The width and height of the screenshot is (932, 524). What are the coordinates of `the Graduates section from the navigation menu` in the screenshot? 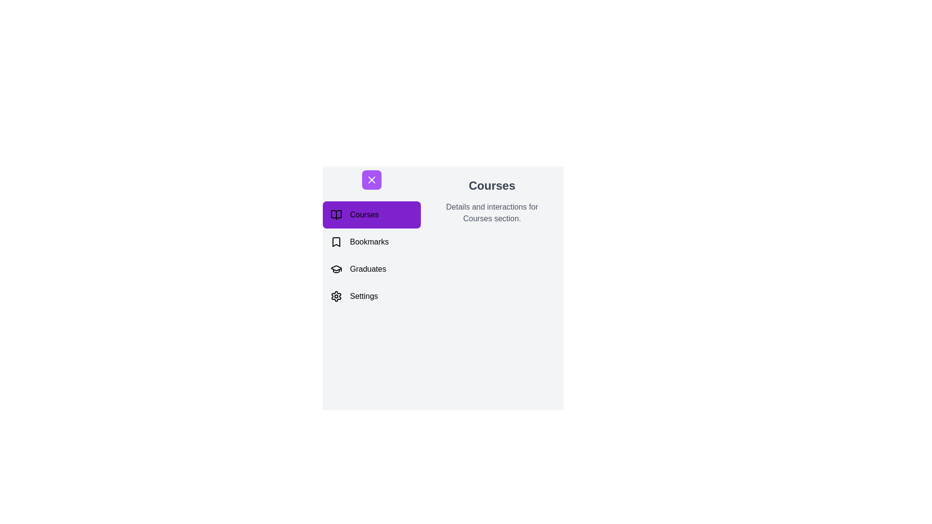 It's located at (371, 269).